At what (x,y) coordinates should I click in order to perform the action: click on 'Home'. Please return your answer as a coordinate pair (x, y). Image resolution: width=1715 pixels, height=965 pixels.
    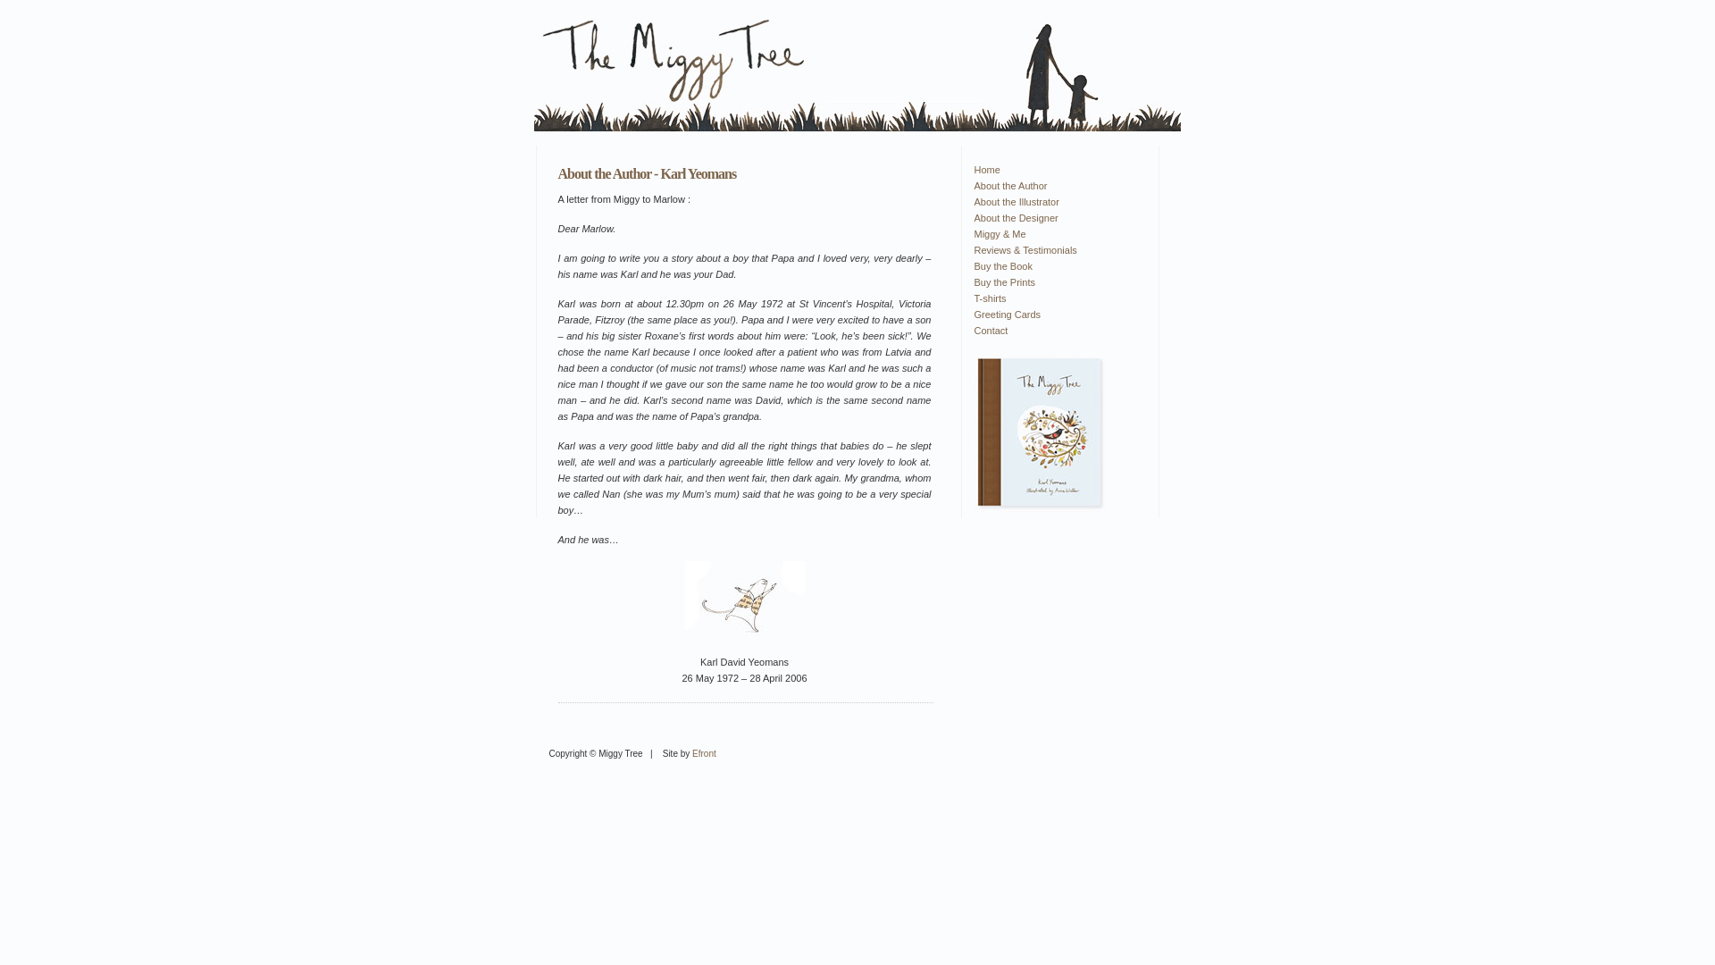
    Looking at the image, I should click on (972, 169).